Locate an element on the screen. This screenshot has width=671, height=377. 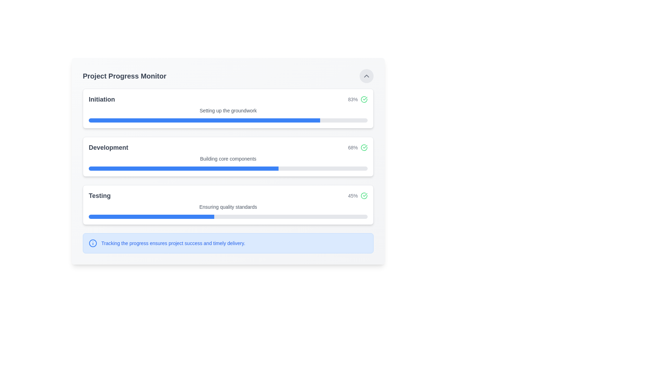
the success icon located immediately to the right of the '83%' text in the top right corner of the progress bar for 'Initiation' is located at coordinates (363, 99).